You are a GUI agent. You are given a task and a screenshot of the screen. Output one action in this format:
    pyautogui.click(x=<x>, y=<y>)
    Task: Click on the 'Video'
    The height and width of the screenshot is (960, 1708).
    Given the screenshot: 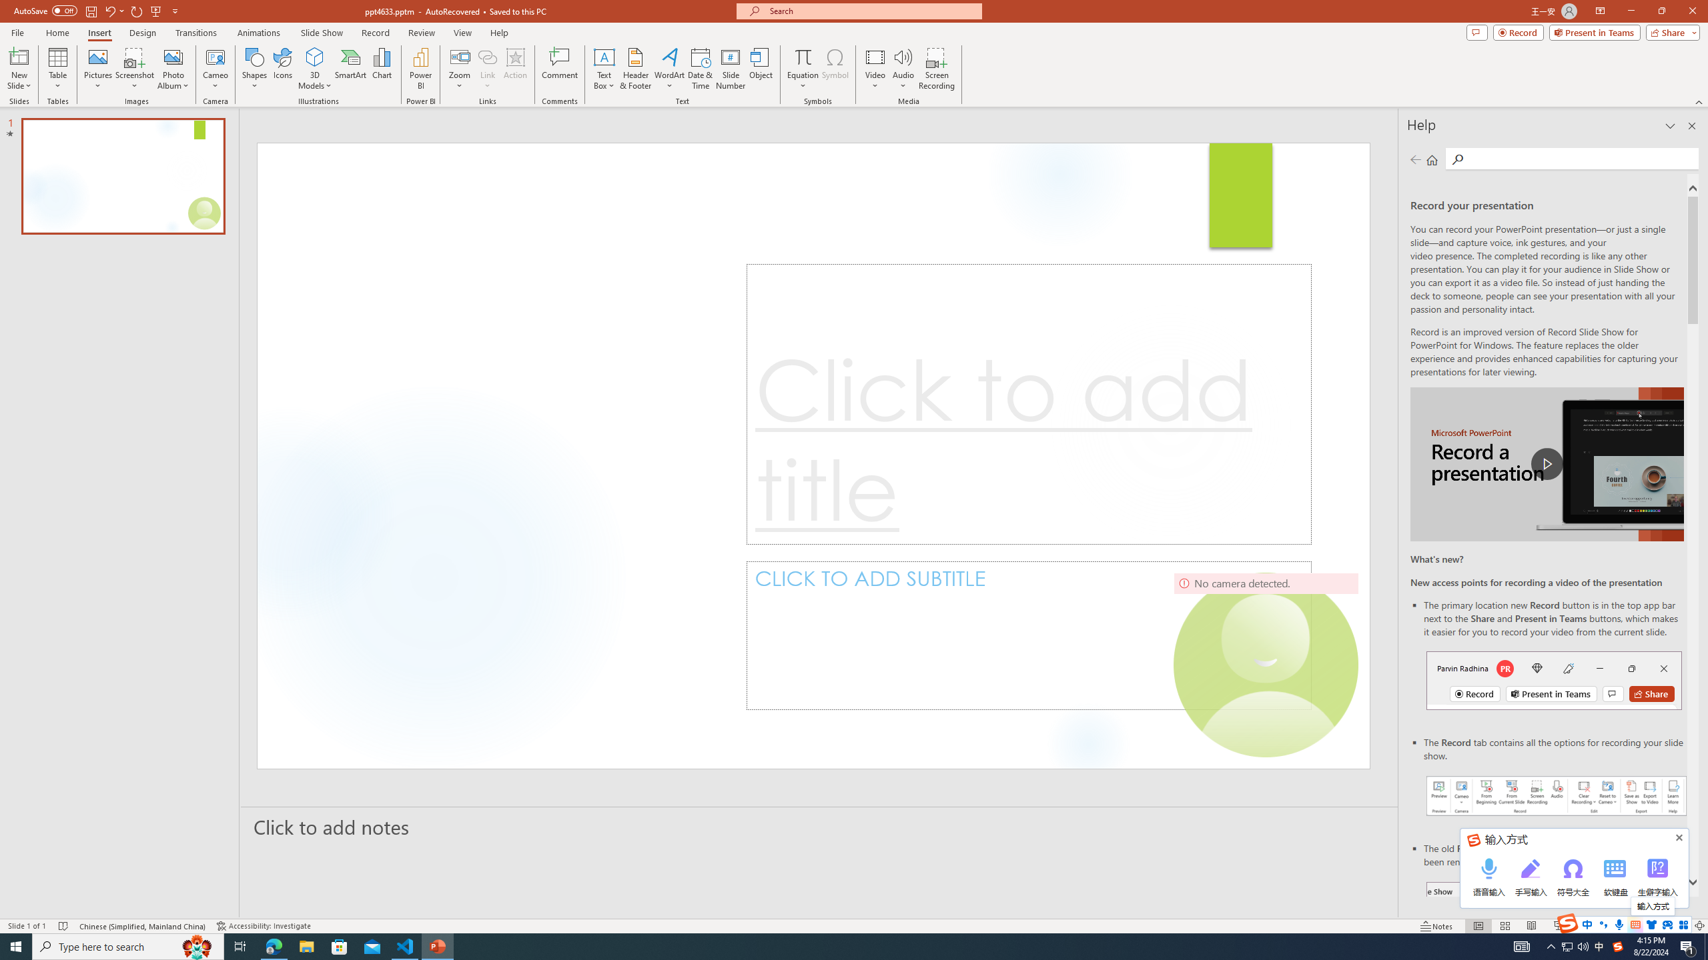 What is the action you would take?
    pyautogui.click(x=875, y=69)
    